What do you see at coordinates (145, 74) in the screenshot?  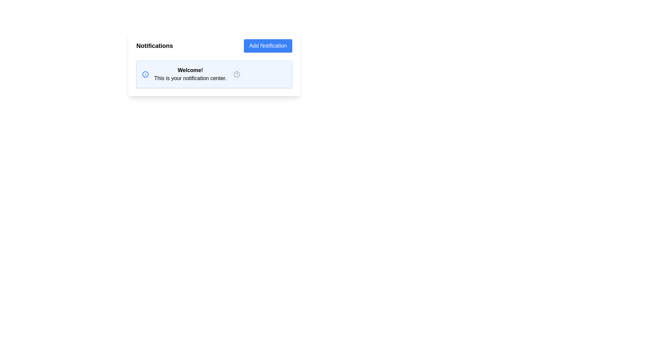 I see `the hollow blue-bordered SVG circle located to the left of the 'Welcome! This is your notification center.' text` at bounding box center [145, 74].